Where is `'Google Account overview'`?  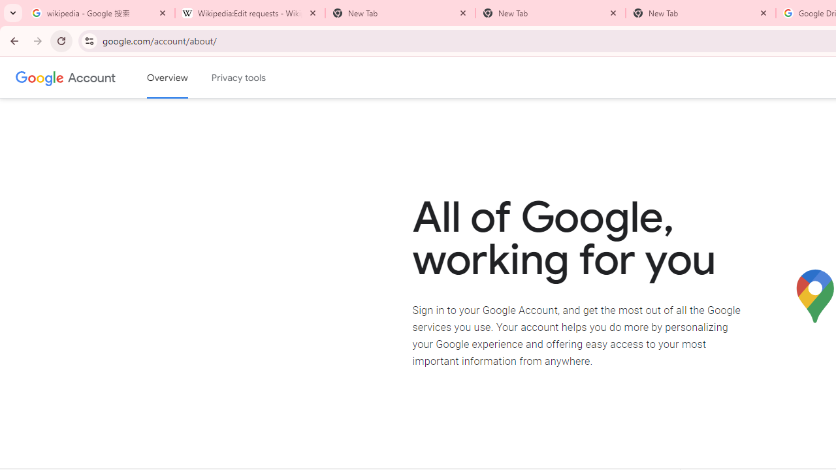 'Google Account overview' is located at coordinates (167, 78).